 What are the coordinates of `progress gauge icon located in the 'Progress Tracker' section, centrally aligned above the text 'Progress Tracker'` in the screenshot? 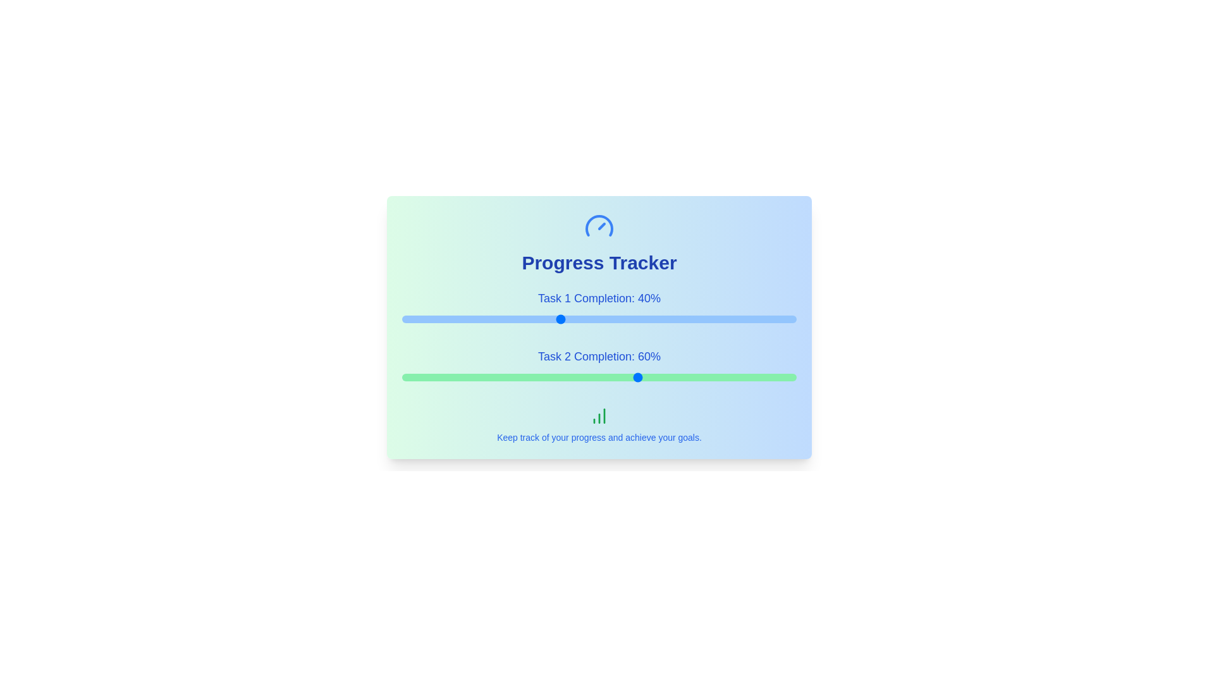 It's located at (599, 226).